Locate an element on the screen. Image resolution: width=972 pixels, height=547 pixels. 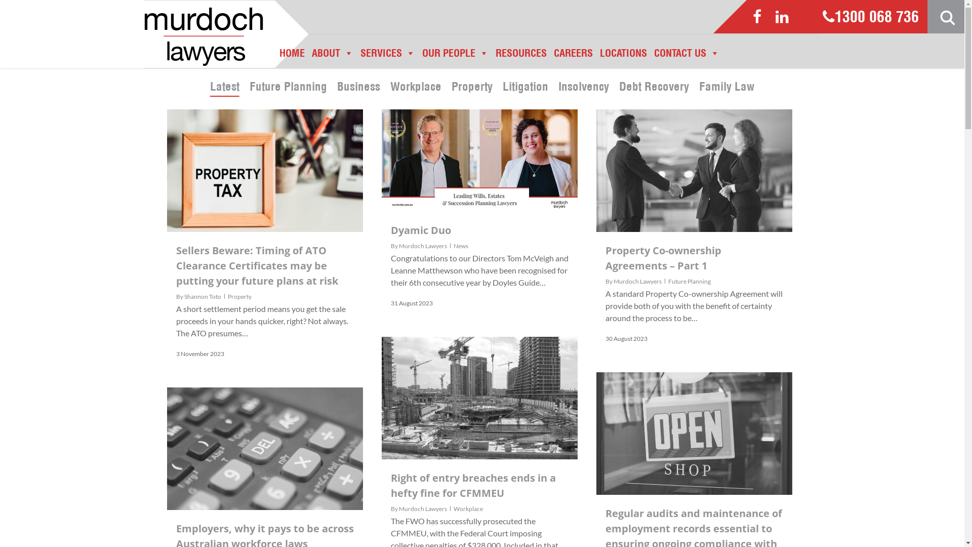
'OUR PEOPLE' is located at coordinates (455, 57).